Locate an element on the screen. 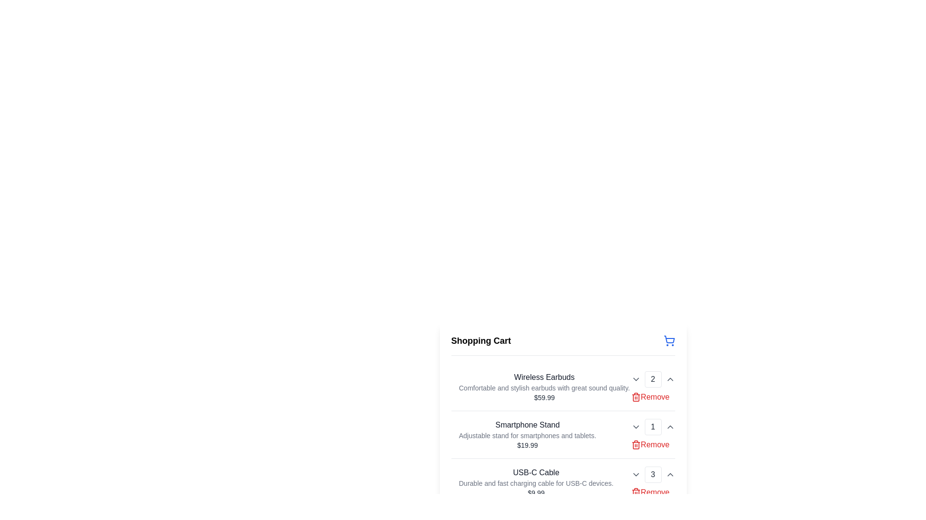 The width and height of the screenshot is (926, 520). the 'Remove' button associated with the 'Smartphone Stand' in the cart list is located at coordinates (650, 445).